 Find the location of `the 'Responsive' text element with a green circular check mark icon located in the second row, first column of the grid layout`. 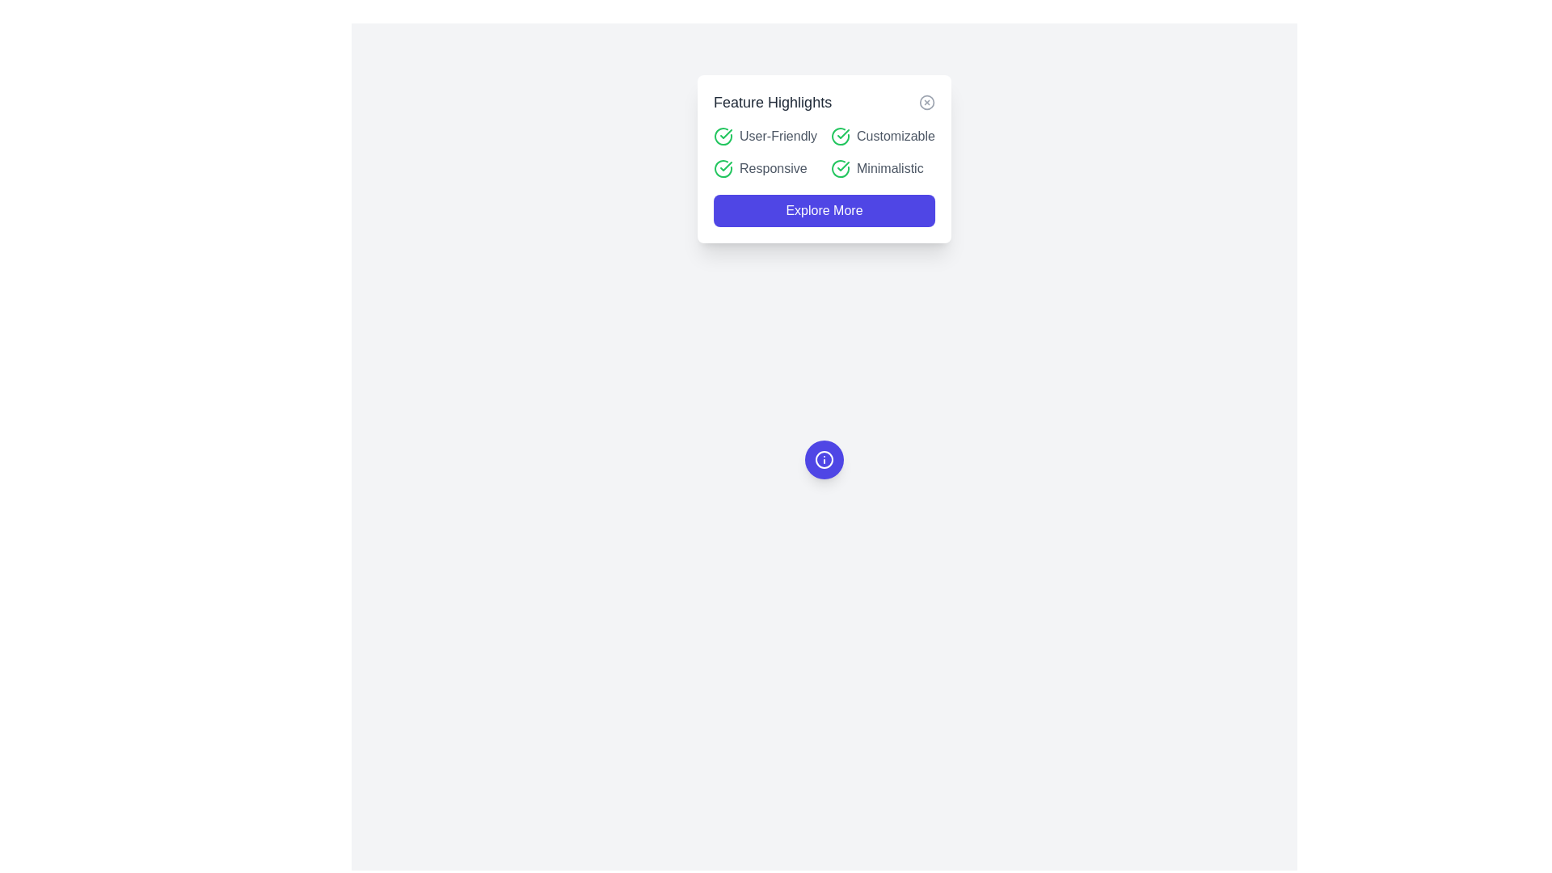

the 'Responsive' text element with a green circular check mark icon located in the second row, first column of the grid layout is located at coordinates (765, 168).